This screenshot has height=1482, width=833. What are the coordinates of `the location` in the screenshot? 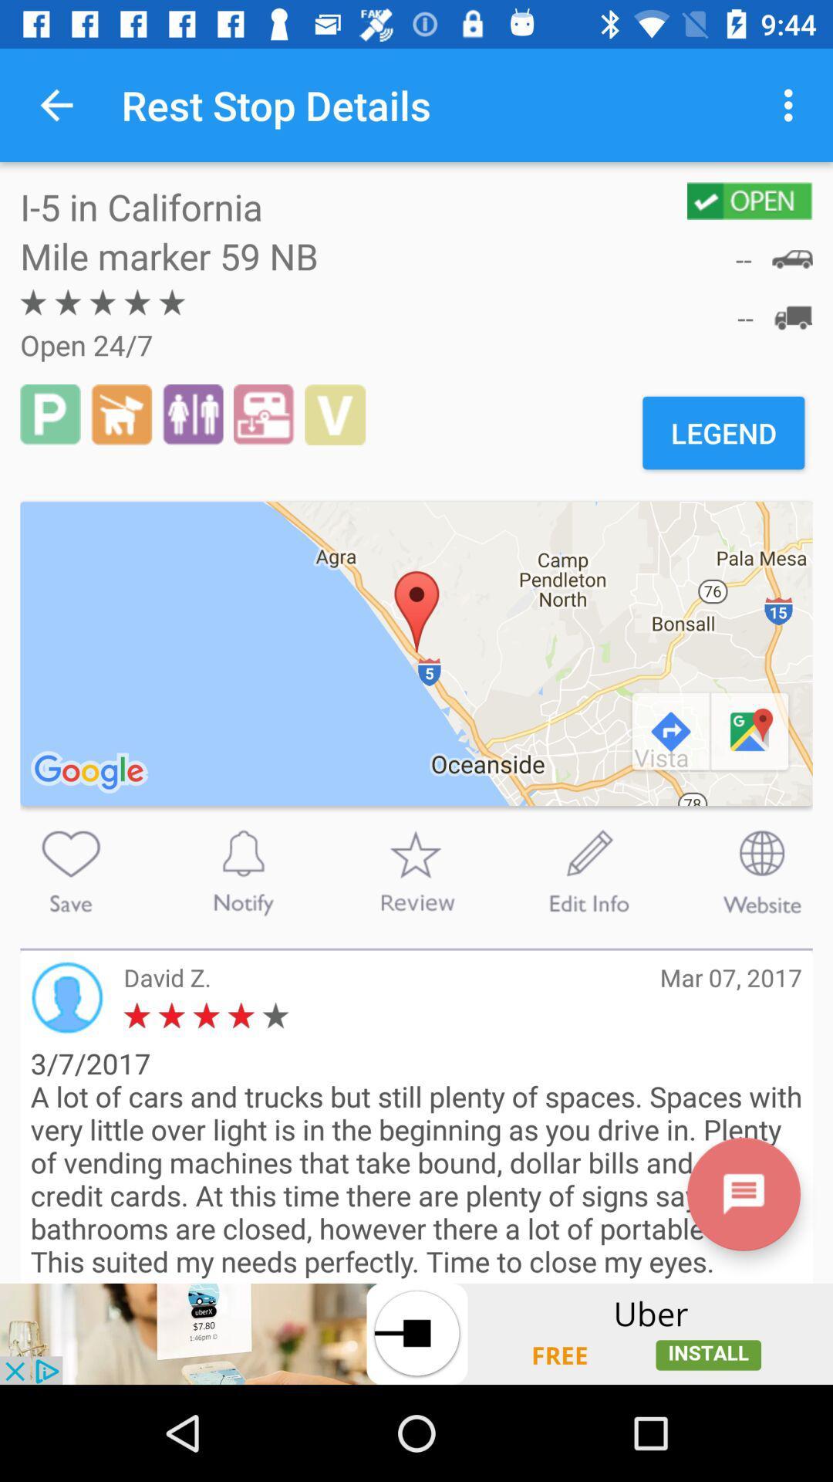 It's located at (70, 871).